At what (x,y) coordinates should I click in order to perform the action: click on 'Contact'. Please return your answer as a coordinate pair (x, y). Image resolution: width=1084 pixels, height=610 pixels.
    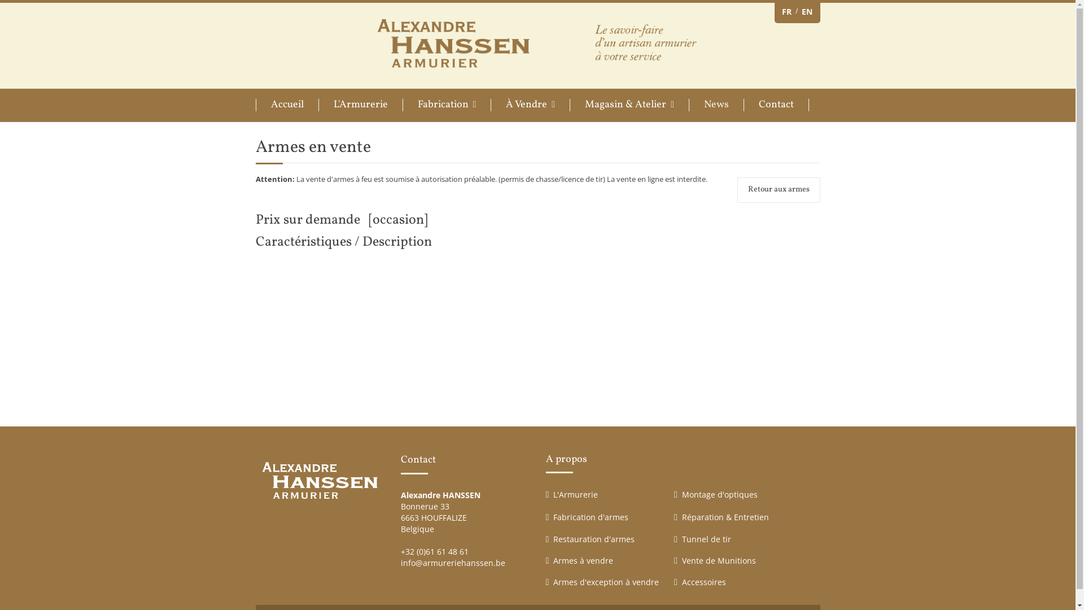
    Looking at the image, I should click on (775, 104).